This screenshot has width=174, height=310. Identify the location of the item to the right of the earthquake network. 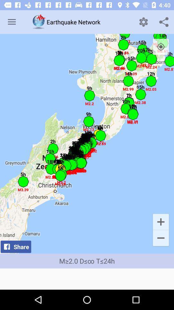
(143, 22).